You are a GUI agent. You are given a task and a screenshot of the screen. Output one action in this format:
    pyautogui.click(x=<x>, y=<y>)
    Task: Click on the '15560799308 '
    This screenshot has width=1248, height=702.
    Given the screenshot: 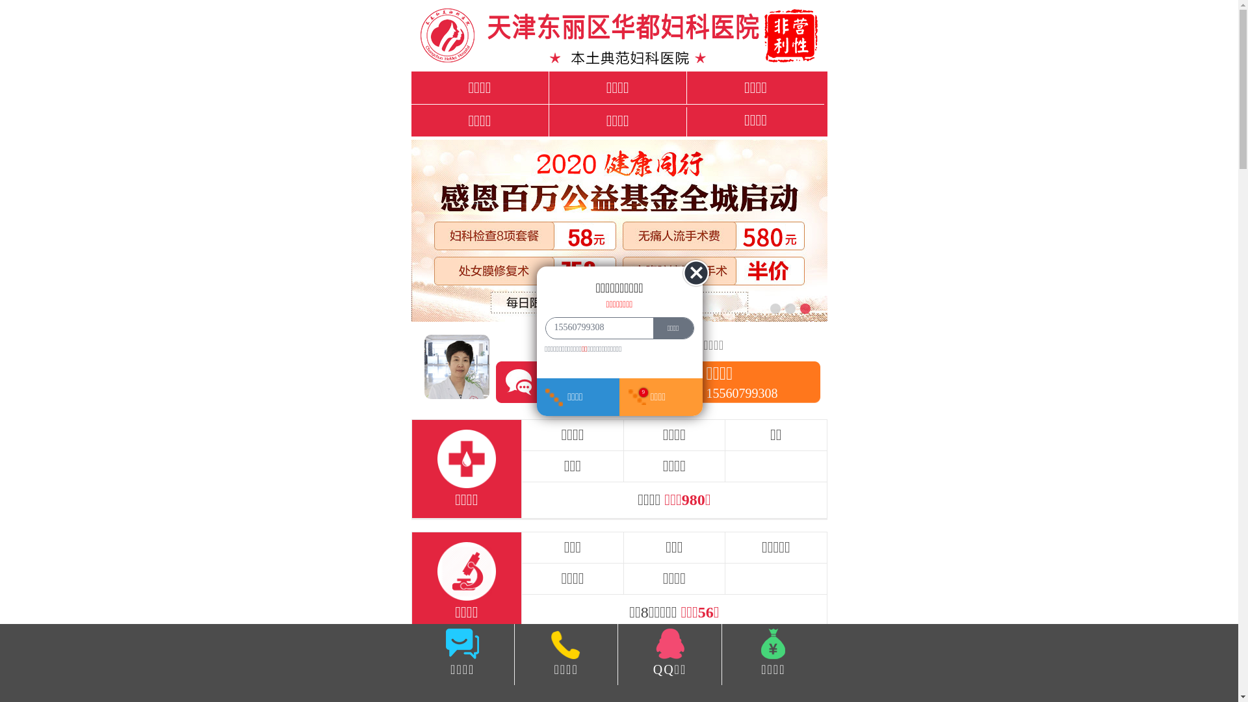 What is the action you would take?
    pyautogui.click(x=595, y=327)
    